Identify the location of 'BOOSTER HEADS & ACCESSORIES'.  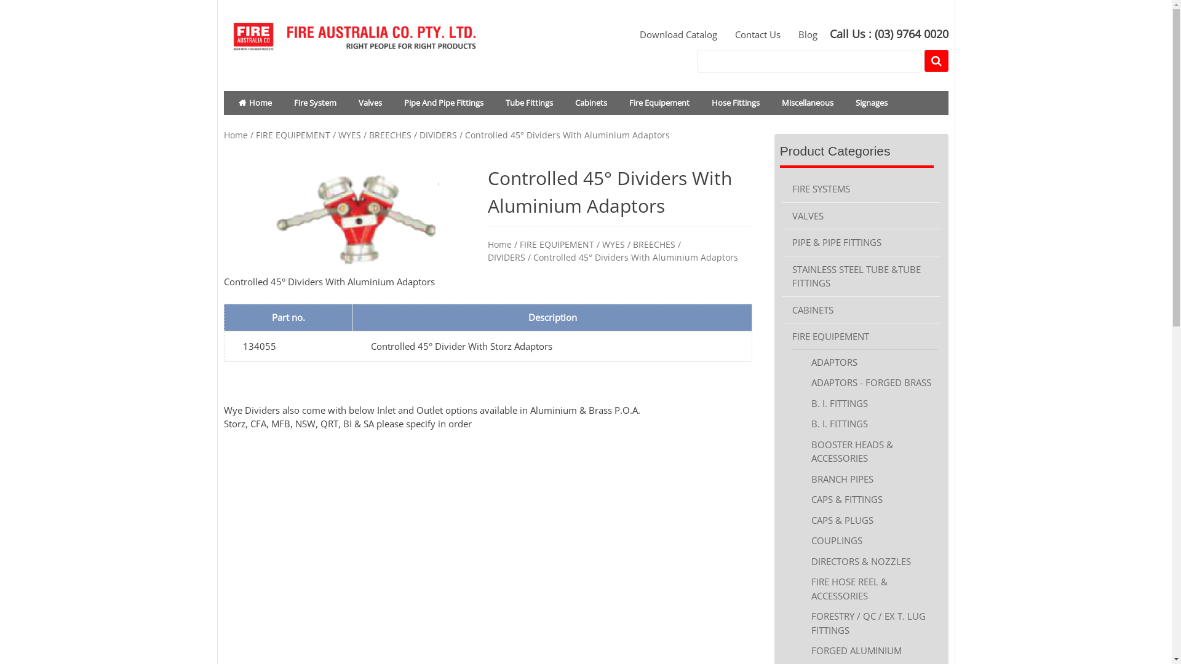
(811, 451).